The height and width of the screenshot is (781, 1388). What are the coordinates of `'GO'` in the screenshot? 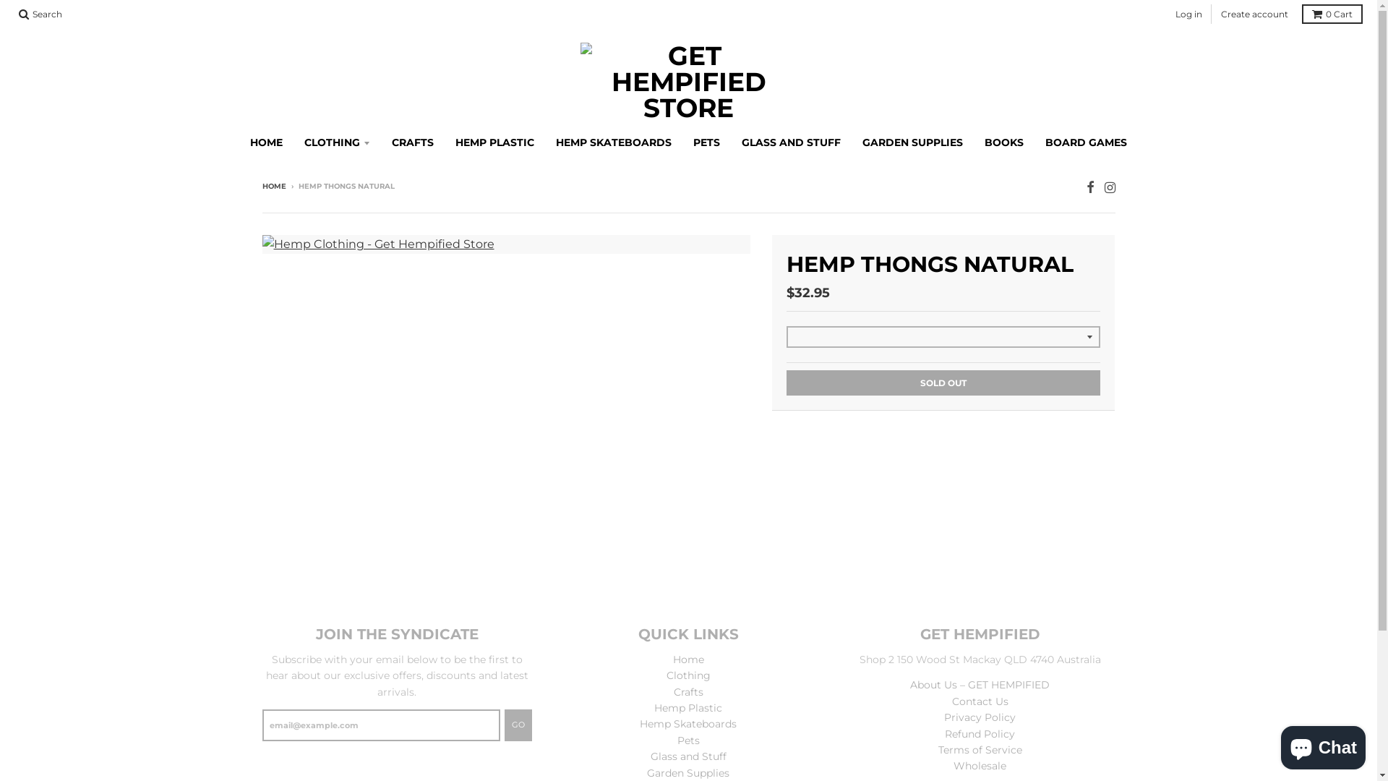 It's located at (518, 725).